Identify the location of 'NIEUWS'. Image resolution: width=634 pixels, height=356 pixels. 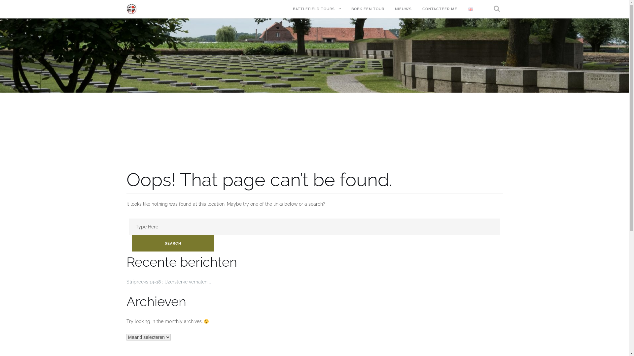
(403, 9).